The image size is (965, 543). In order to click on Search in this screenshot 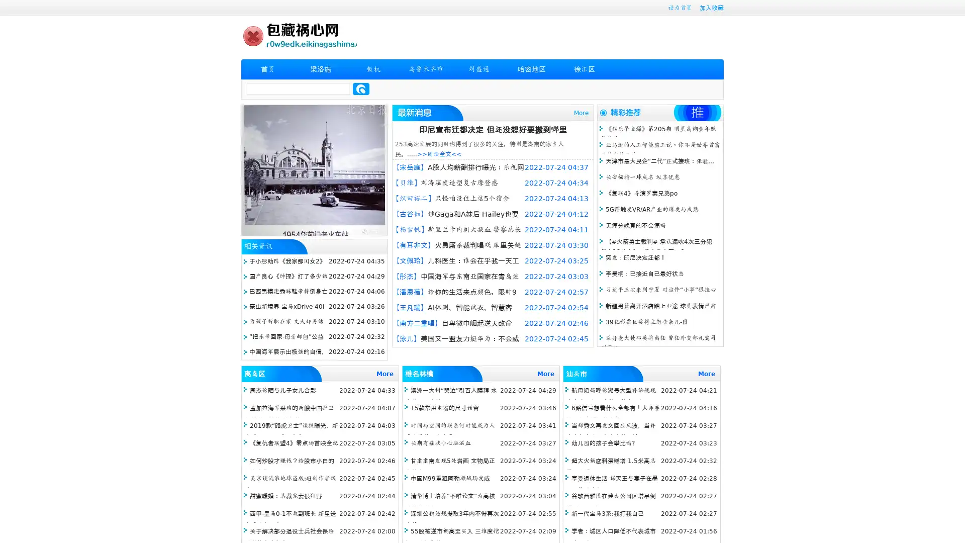, I will do `click(361, 88)`.